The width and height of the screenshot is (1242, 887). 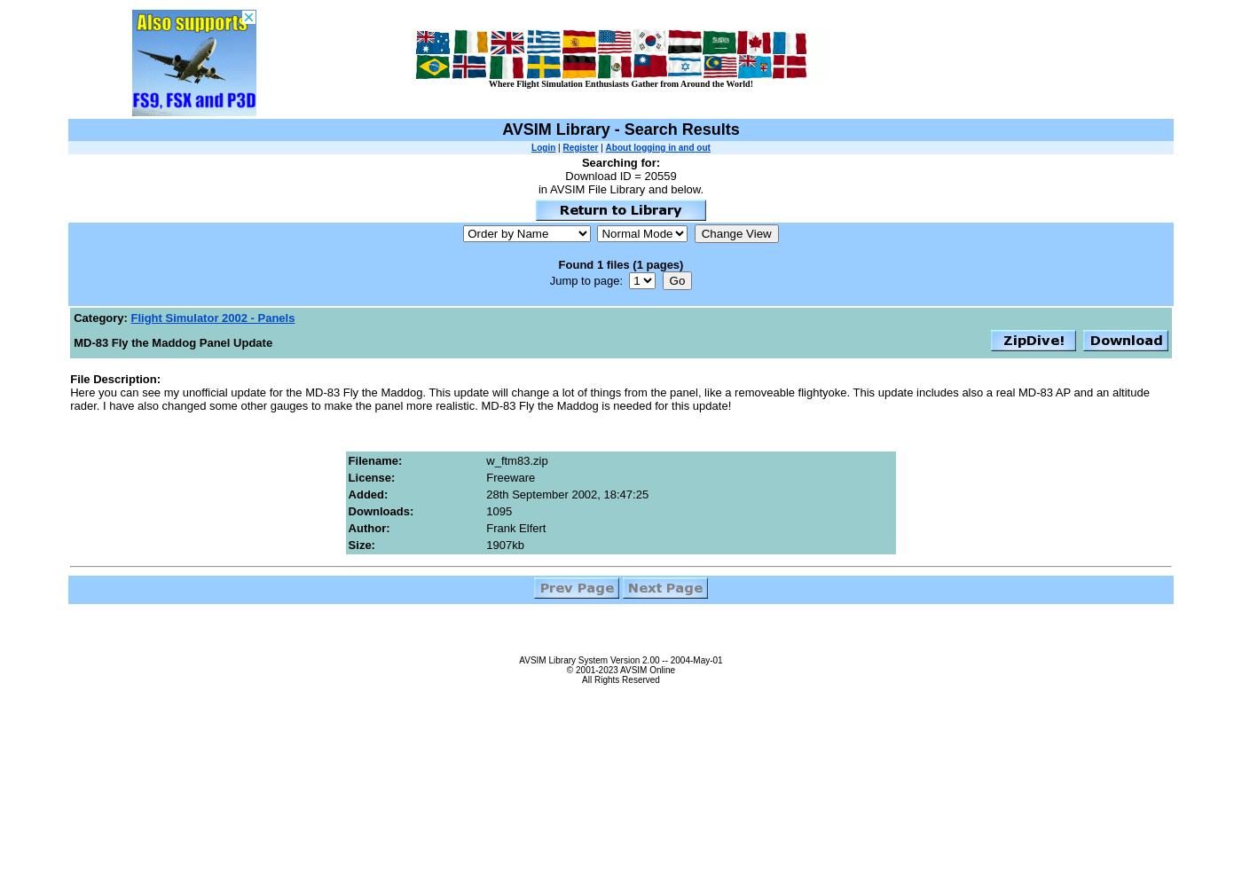 I want to click on 'AVSIM Library System Version 2.00 -- 2004-May-01', so click(x=620, y=658).